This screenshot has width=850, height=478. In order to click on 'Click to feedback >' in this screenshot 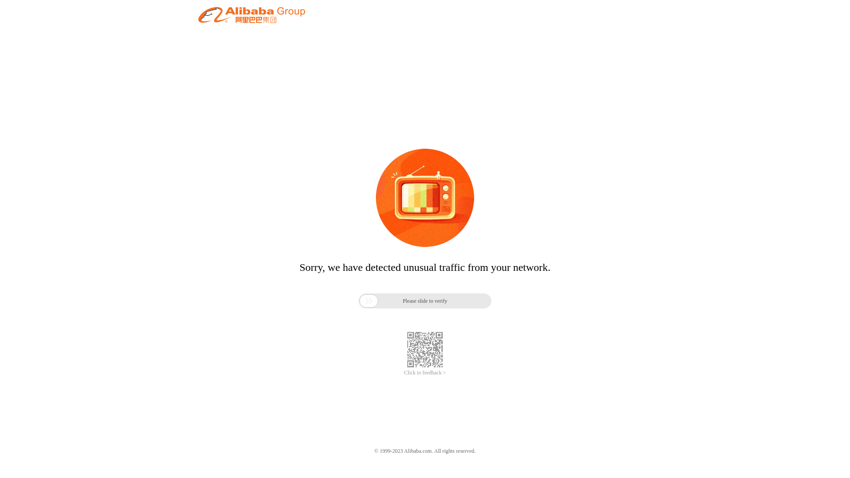, I will do `click(425, 373)`.